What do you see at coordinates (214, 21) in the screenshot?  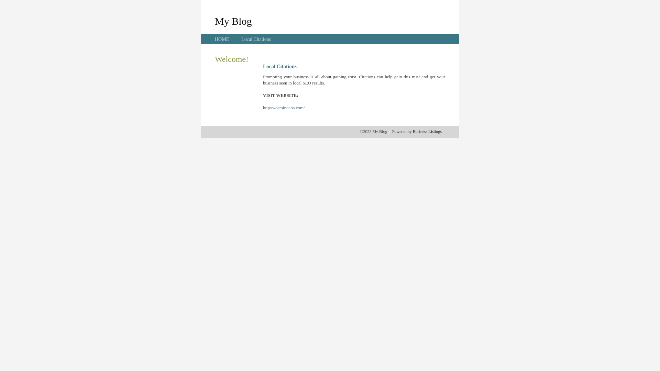 I see `'My Blog'` at bounding box center [214, 21].